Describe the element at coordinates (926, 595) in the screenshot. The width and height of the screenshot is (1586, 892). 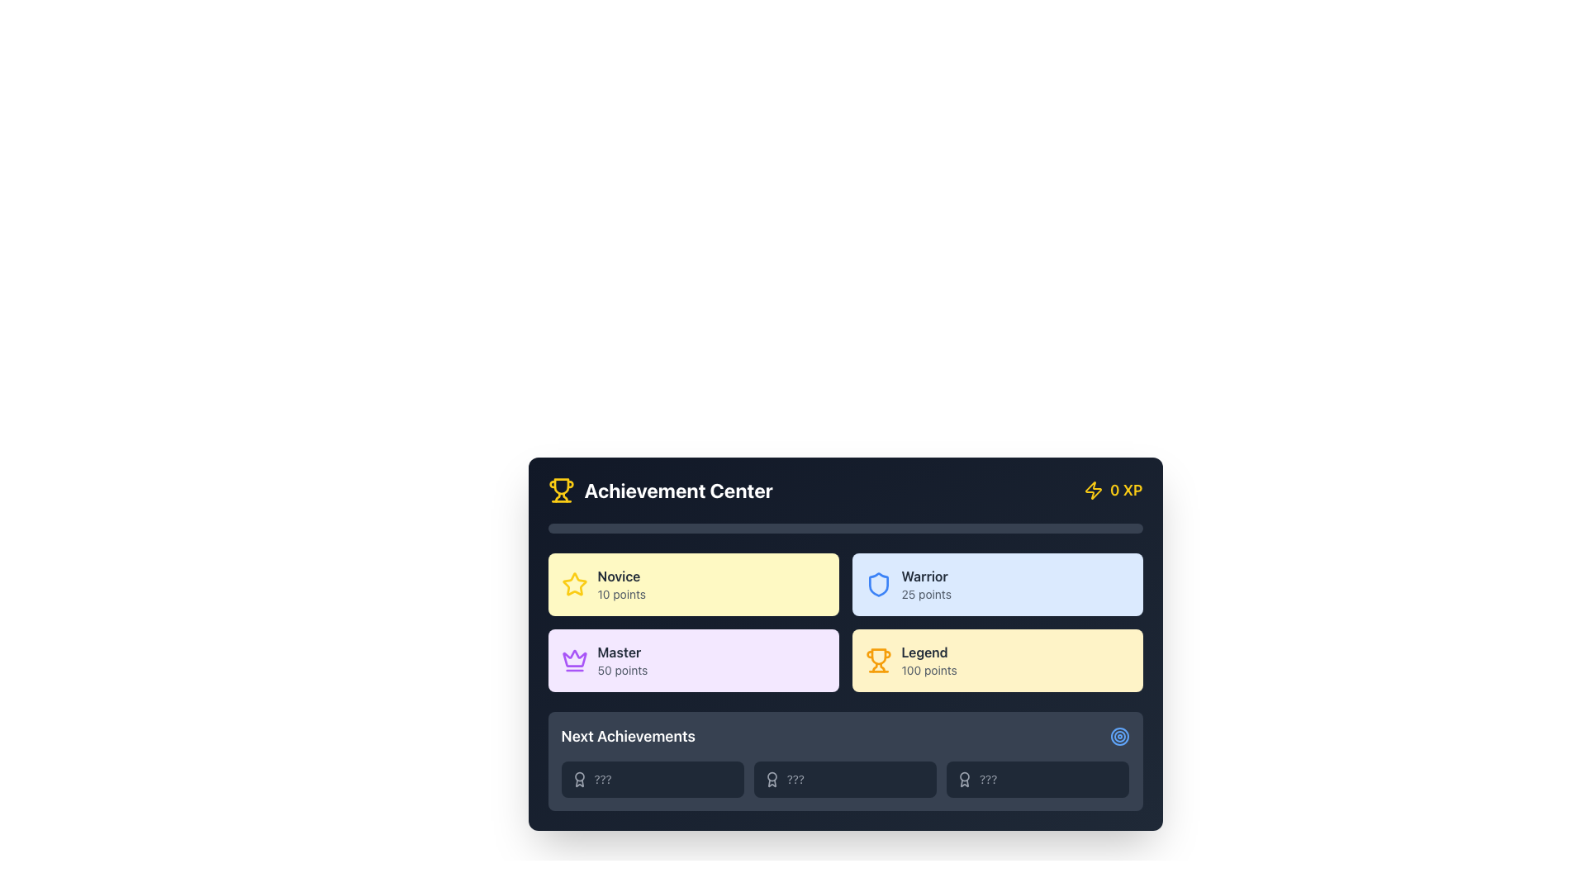
I see `the text label displaying the numeric score for the 'Warrior' category, located in the top-right quadrant of the 'Achievement Center' interface, below the title 'Warrior'` at that location.